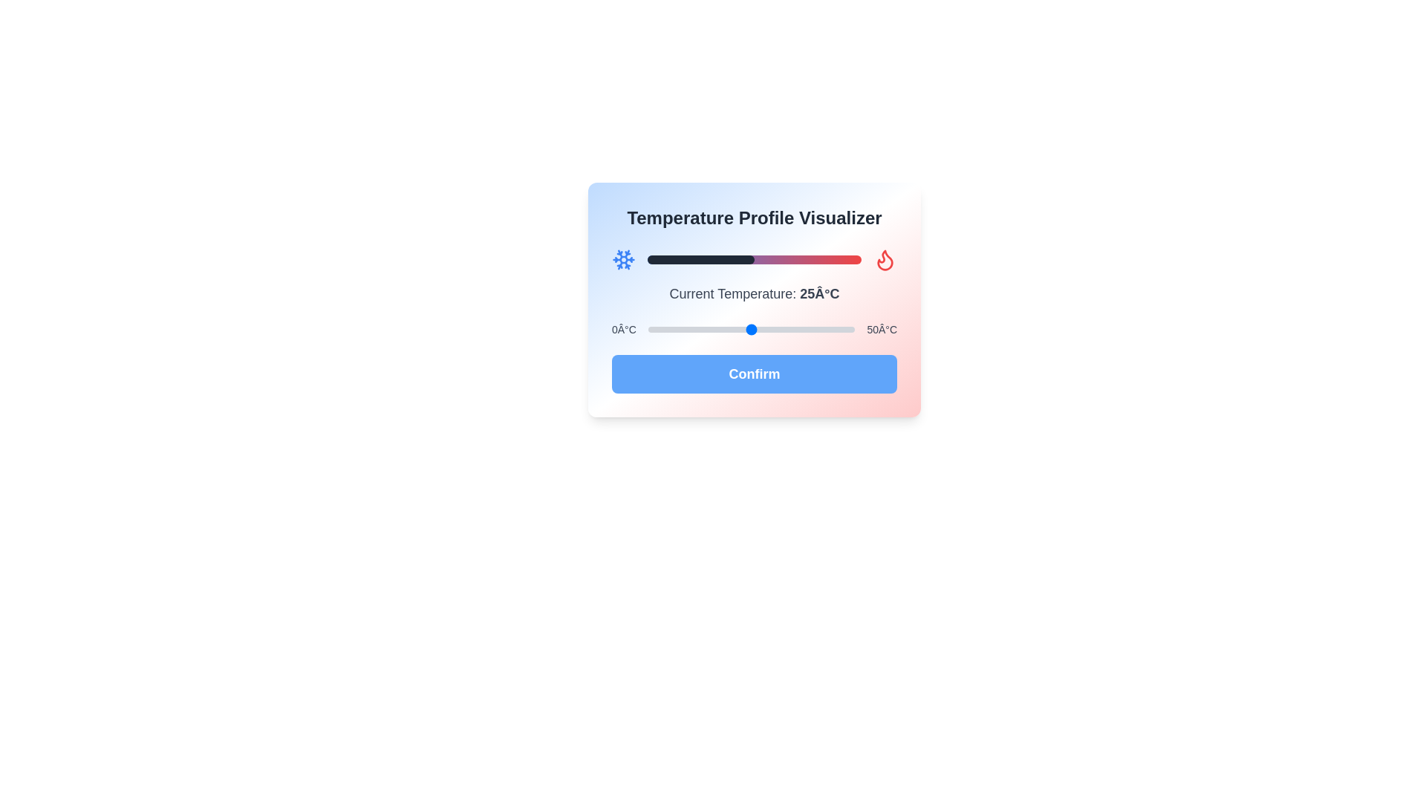  What do you see at coordinates (801, 328) in the screenshot?
I see `the temperature to 37°C using the slider` at bounding box center [801, 328].